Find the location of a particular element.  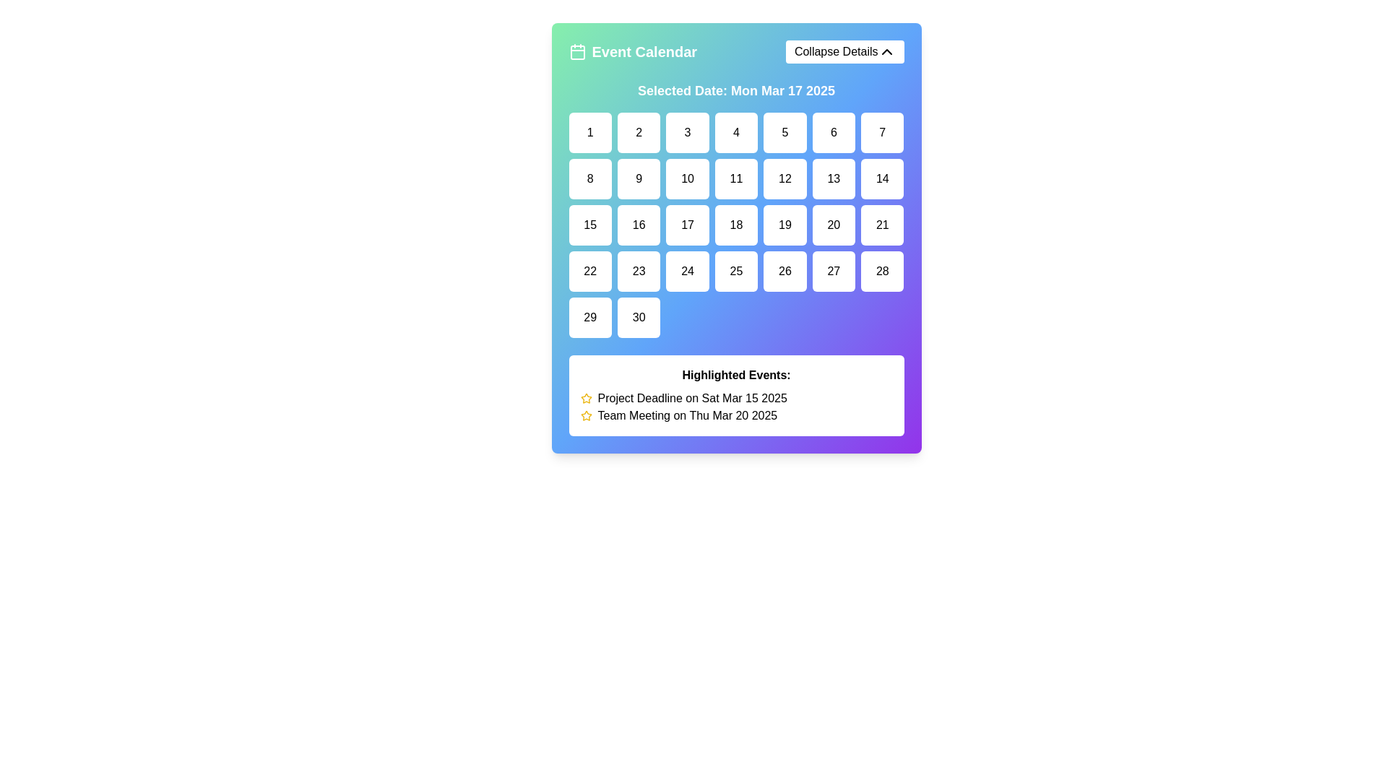

the calendar date button located in the middle cell of the fourth row of a 7-column grid is located at coordinates (638, 271).